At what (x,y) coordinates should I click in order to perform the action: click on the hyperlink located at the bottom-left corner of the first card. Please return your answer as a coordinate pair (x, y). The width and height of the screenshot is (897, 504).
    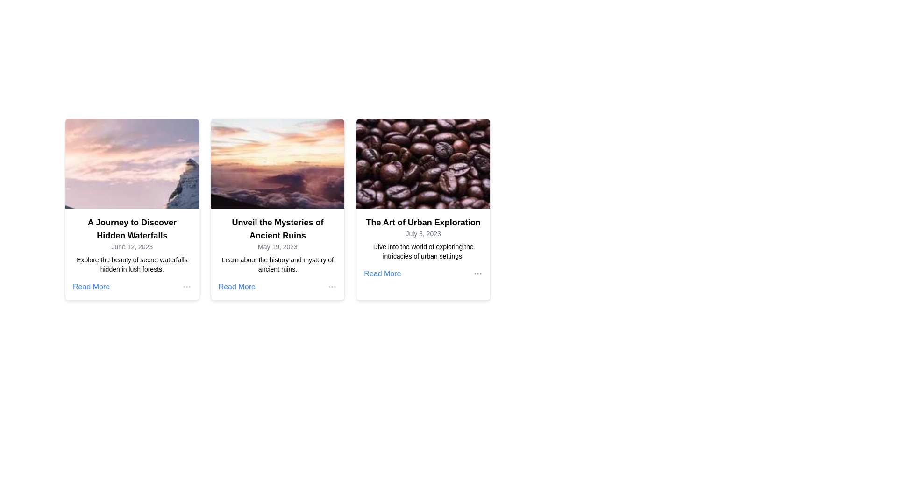
    Looking at the image, I should click on (91, 286).